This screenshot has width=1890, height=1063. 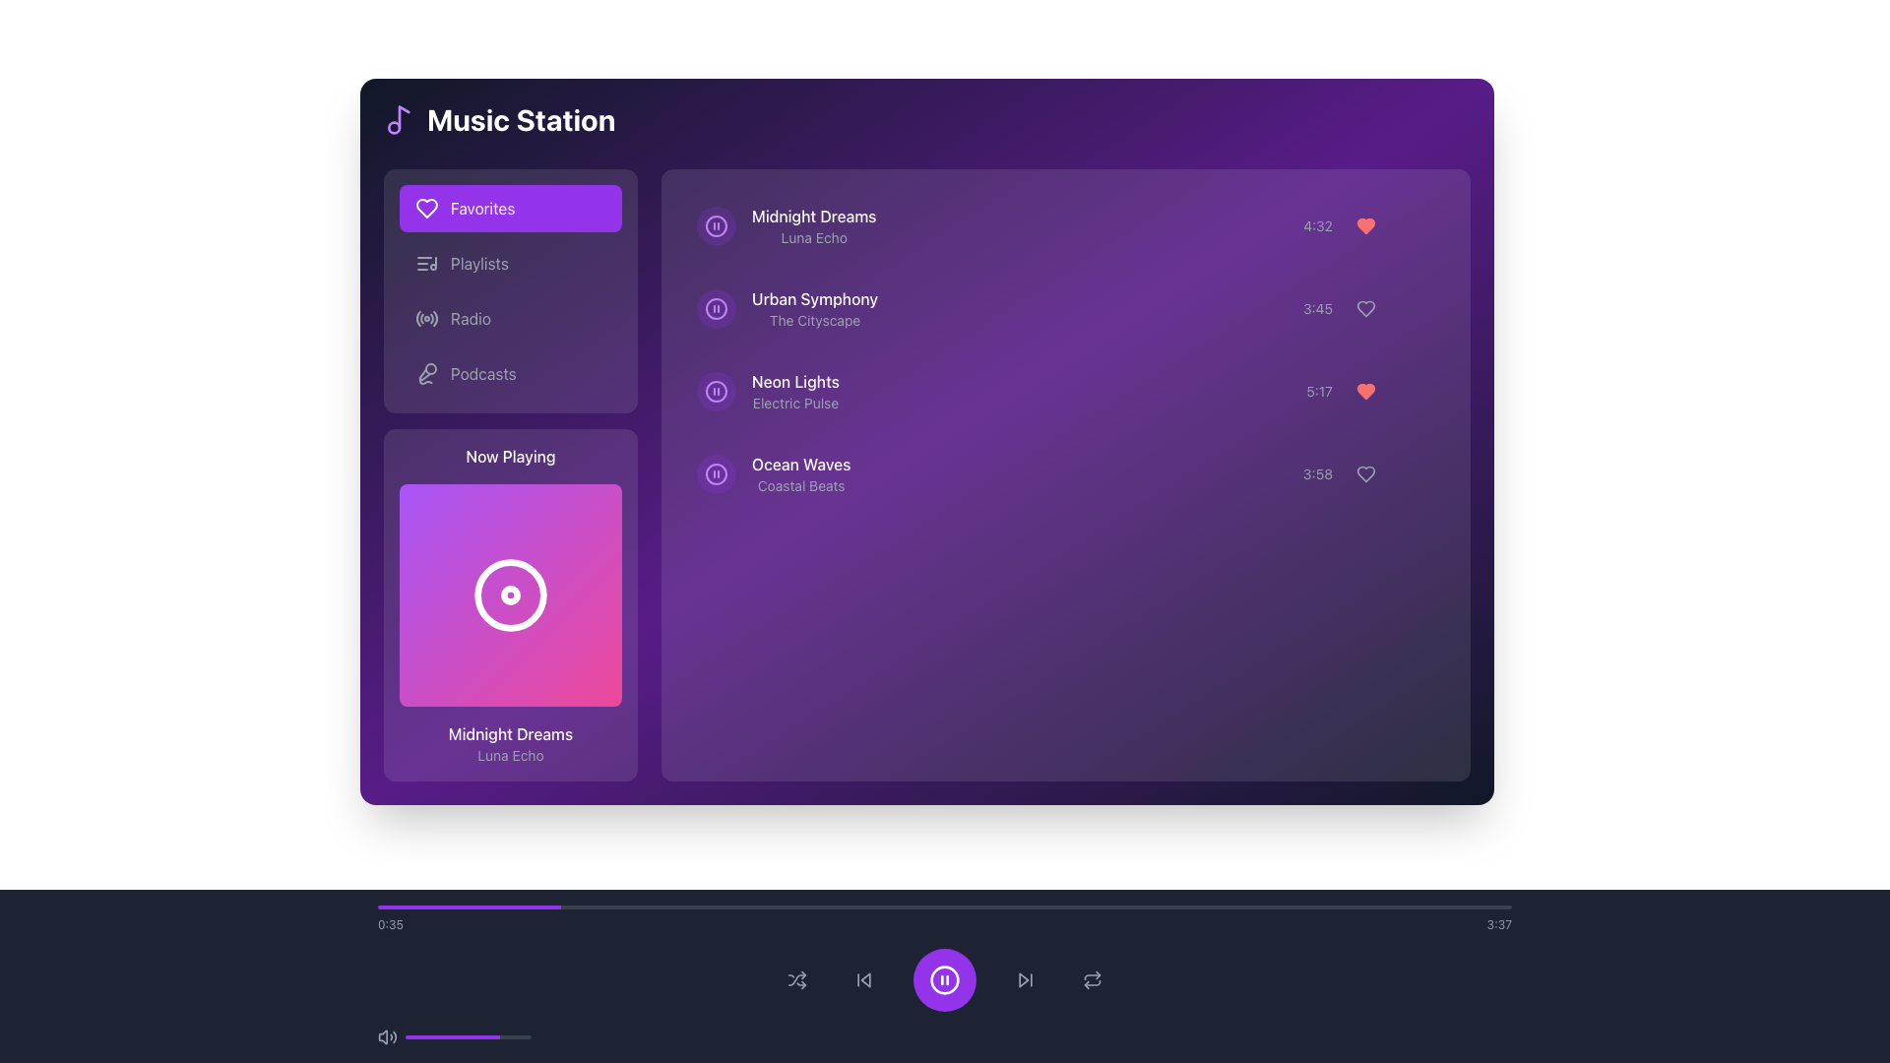 What do you see at coordinates (1364, 391) in the screenshot?
I see `the heart-shaped favorite button, which is filled with red color and located in the right middle region of the music station application at the timestamp '5:17'` at bounding box center [1364, 391].